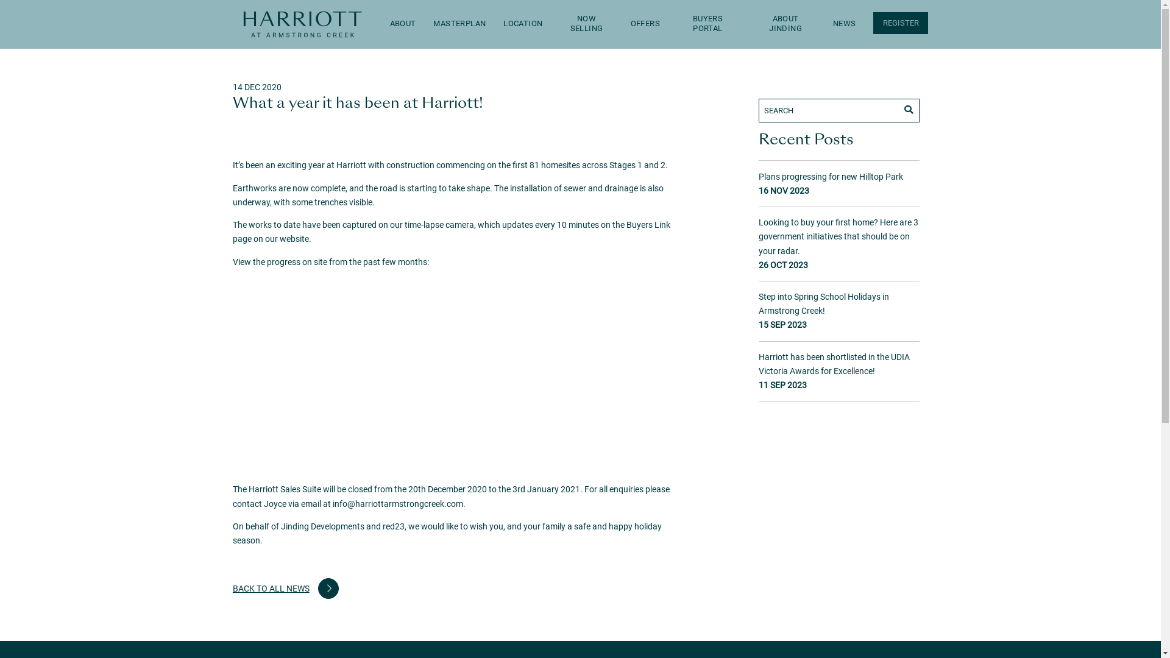 The image size is (1170, 658). I want to click on 'LOCATION', so click(523, 24).